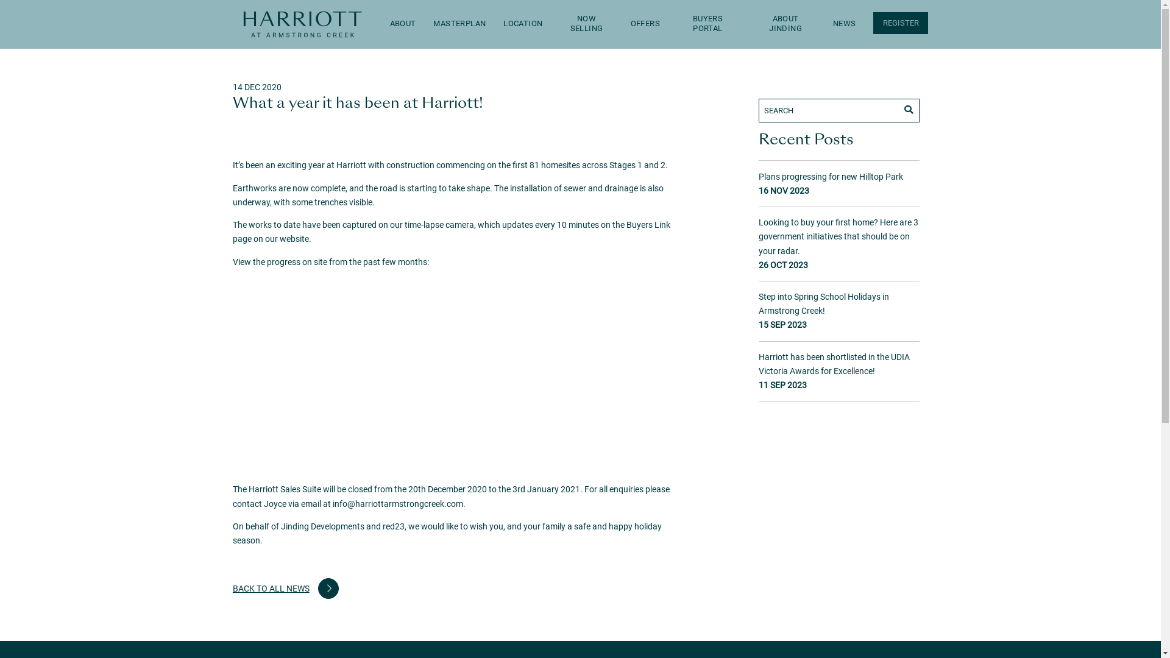 The image size is (1170, 658). I want to click on 'LOCATION', so click(523, 24).